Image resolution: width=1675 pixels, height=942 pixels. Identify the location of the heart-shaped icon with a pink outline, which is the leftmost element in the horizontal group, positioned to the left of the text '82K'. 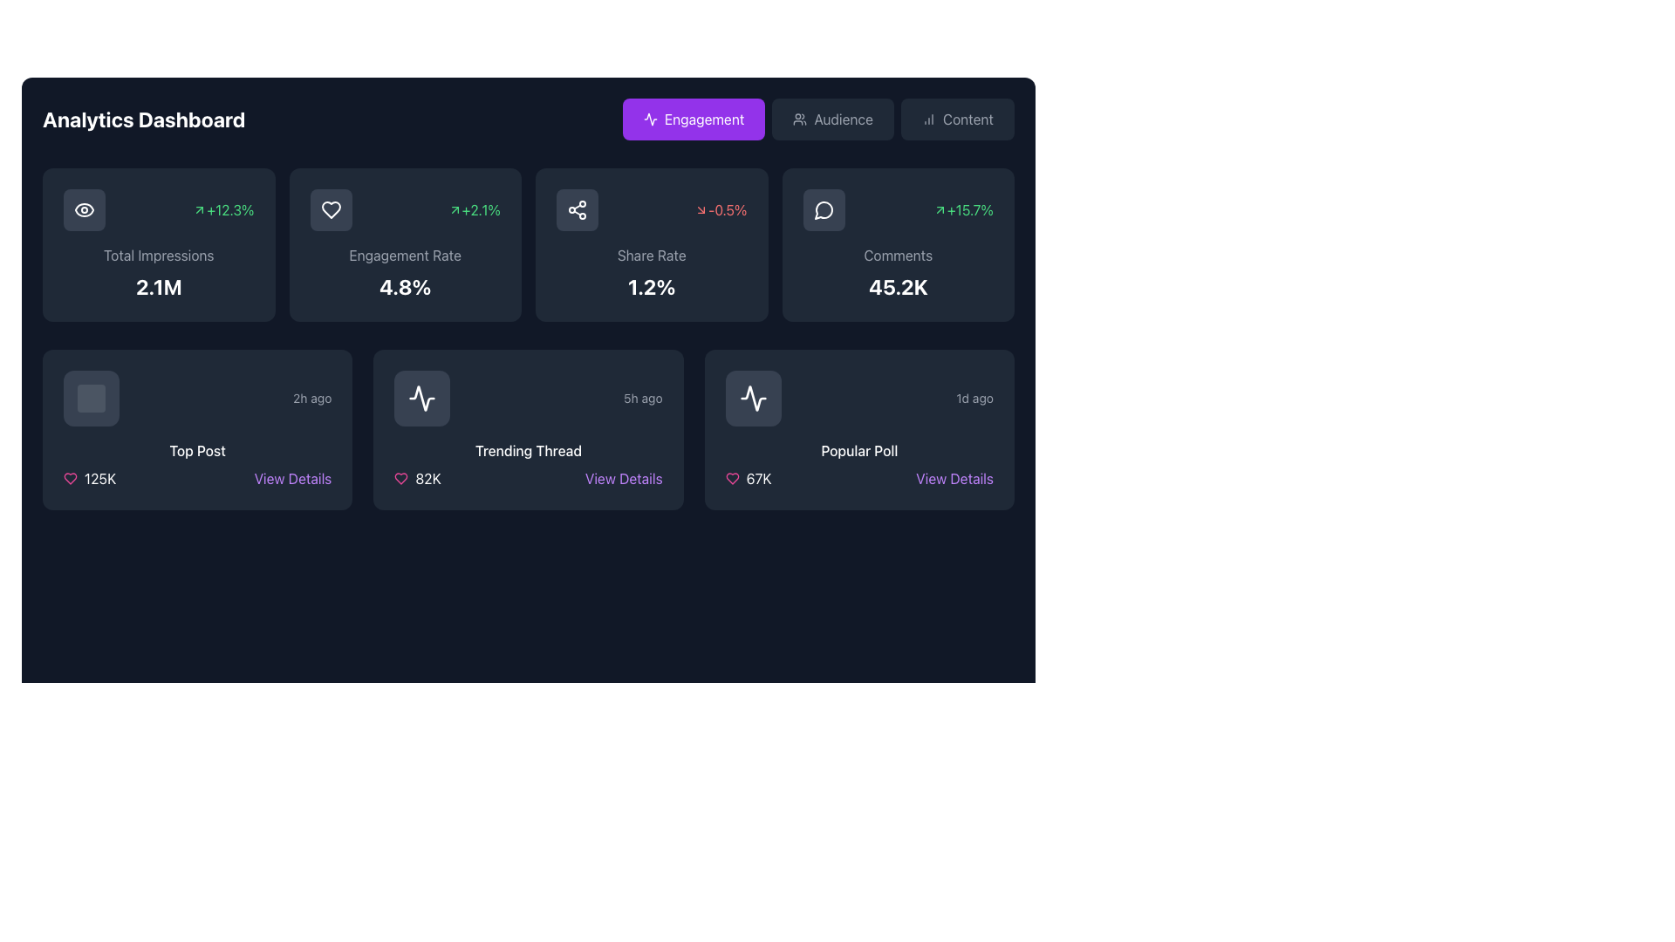
(400, 478).